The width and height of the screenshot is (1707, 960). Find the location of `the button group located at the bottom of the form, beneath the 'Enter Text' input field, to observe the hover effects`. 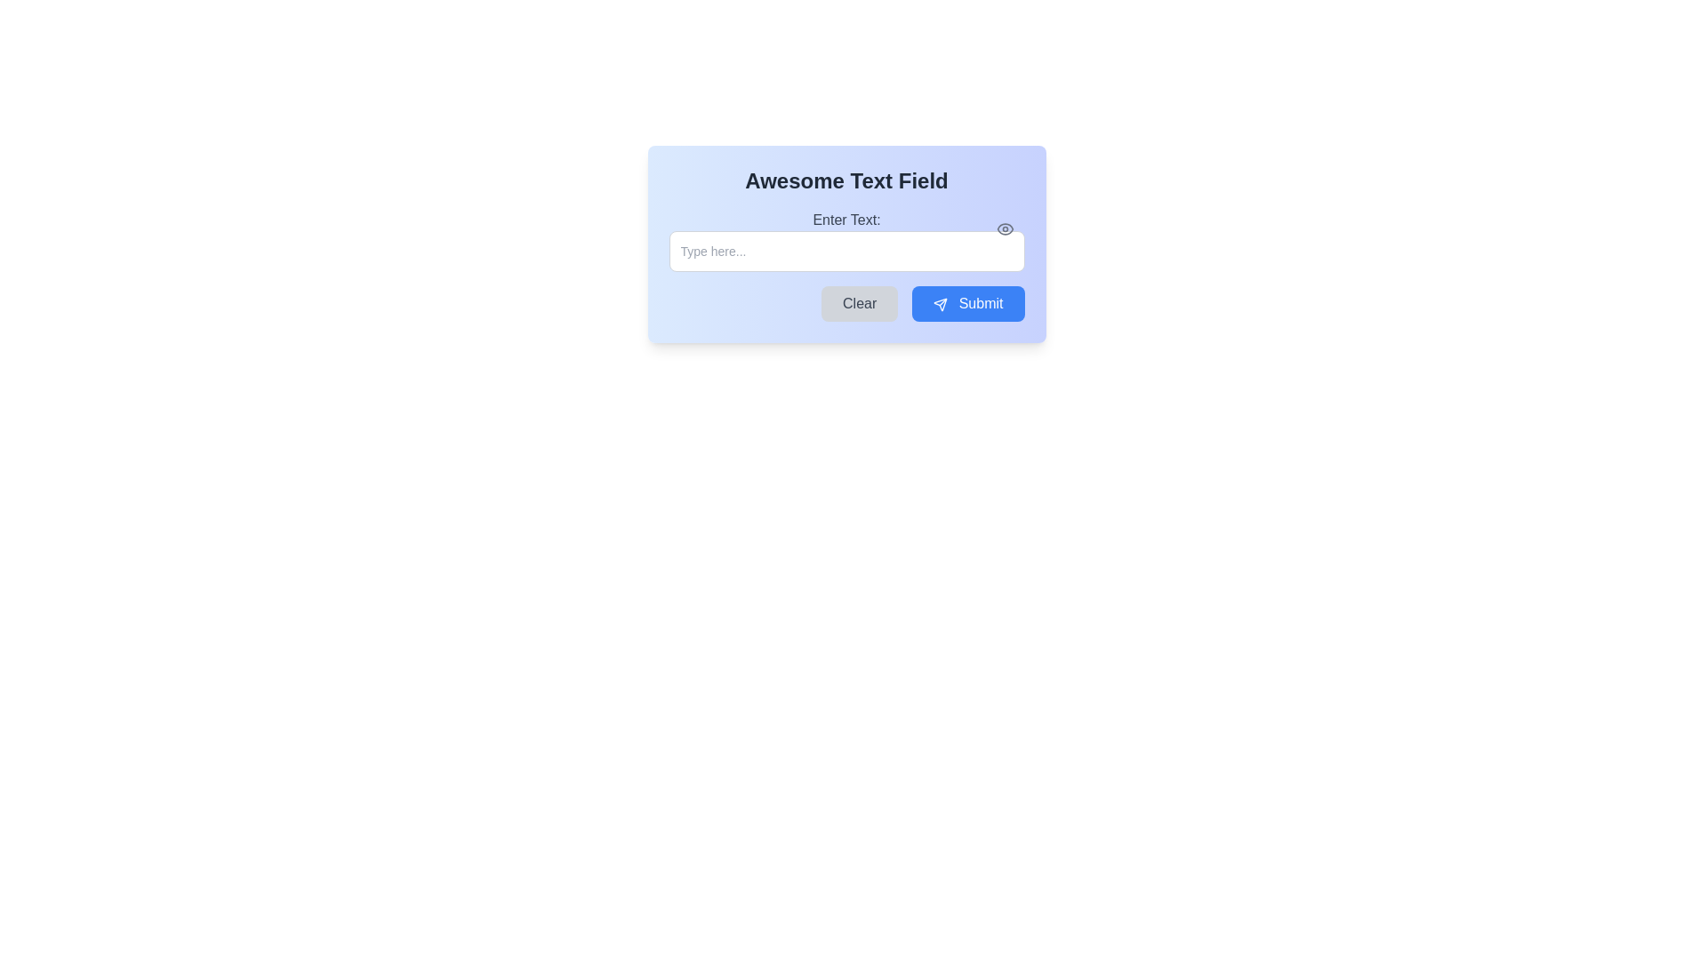

the button group located at the bottom of the form, beneath the 'Enter Text' input field, to observe the hover effects is located at coordinates (845, 303).